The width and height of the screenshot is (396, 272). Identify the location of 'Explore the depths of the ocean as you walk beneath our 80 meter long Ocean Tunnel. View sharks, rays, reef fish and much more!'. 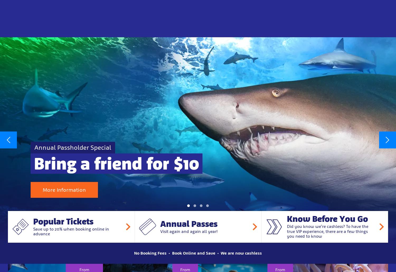
(150, 94).